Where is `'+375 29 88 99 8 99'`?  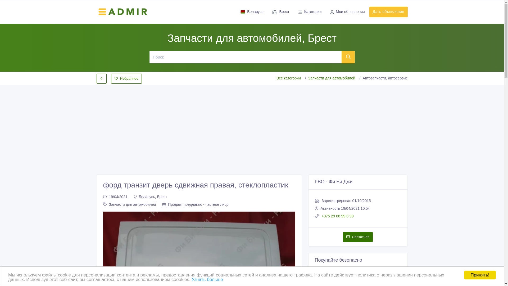
'+375 29 88 99 8 99' is located at coordinates (337, 216).